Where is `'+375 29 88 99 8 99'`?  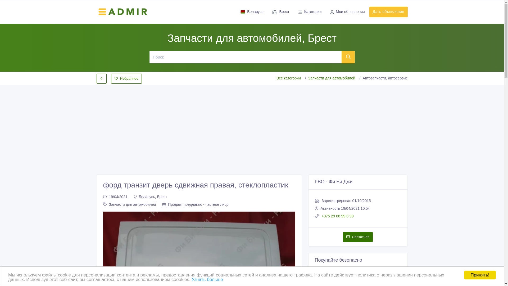
'+375 29 88 99 8 99' is located at coordinates (337, 216).